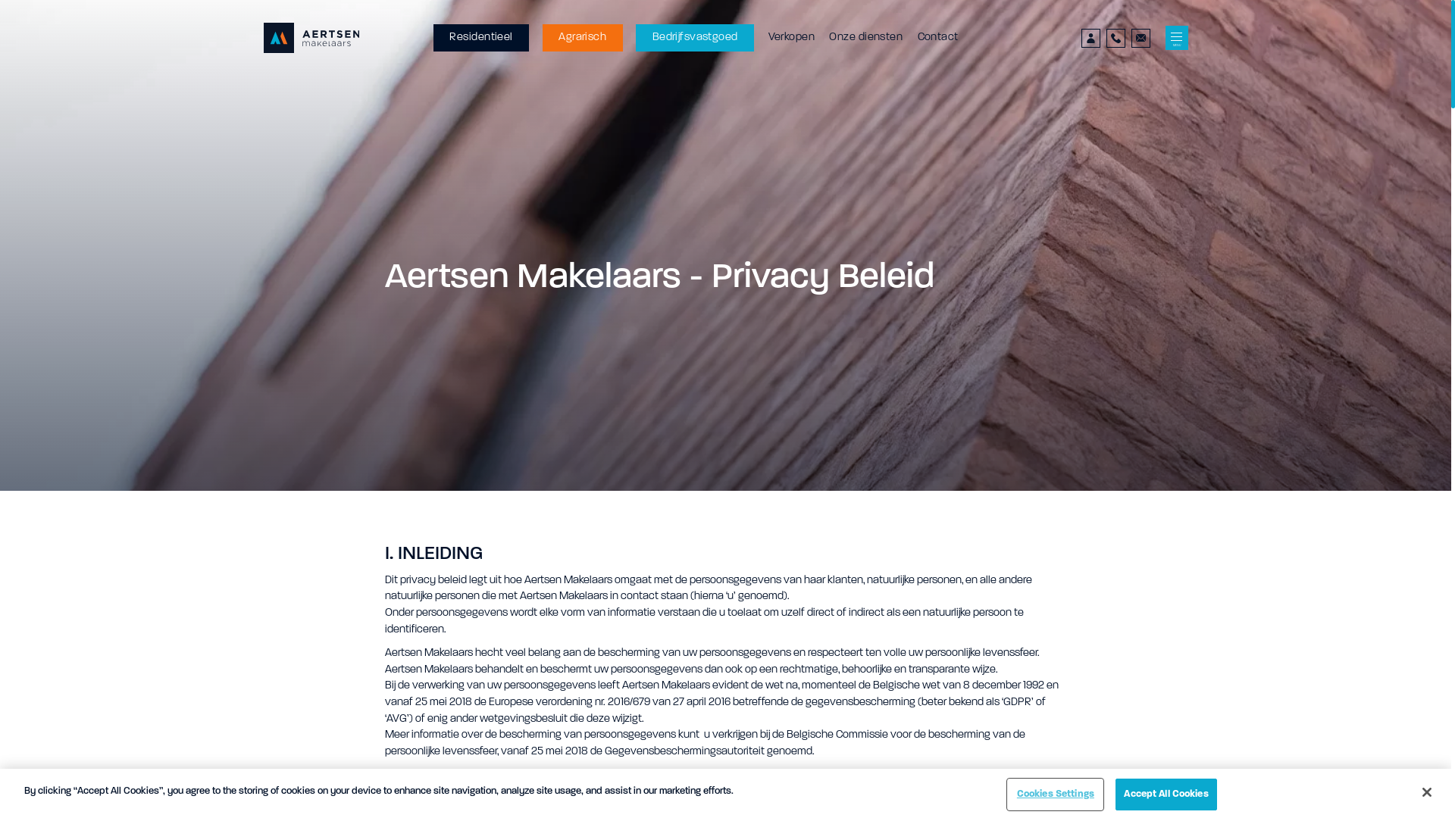 Image resolution: width=1455 pixels, height=818 pixels. I want to click on 'Residentieel', so click(480, 37).